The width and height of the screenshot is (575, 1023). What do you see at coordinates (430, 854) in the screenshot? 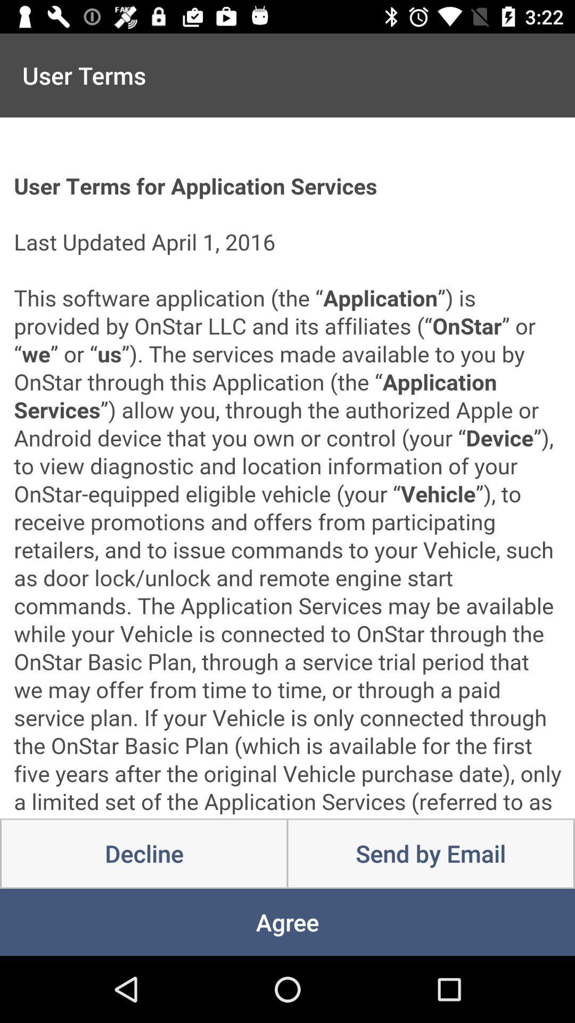
I see `item to the right of the decline` at bounding box center [430, 854].